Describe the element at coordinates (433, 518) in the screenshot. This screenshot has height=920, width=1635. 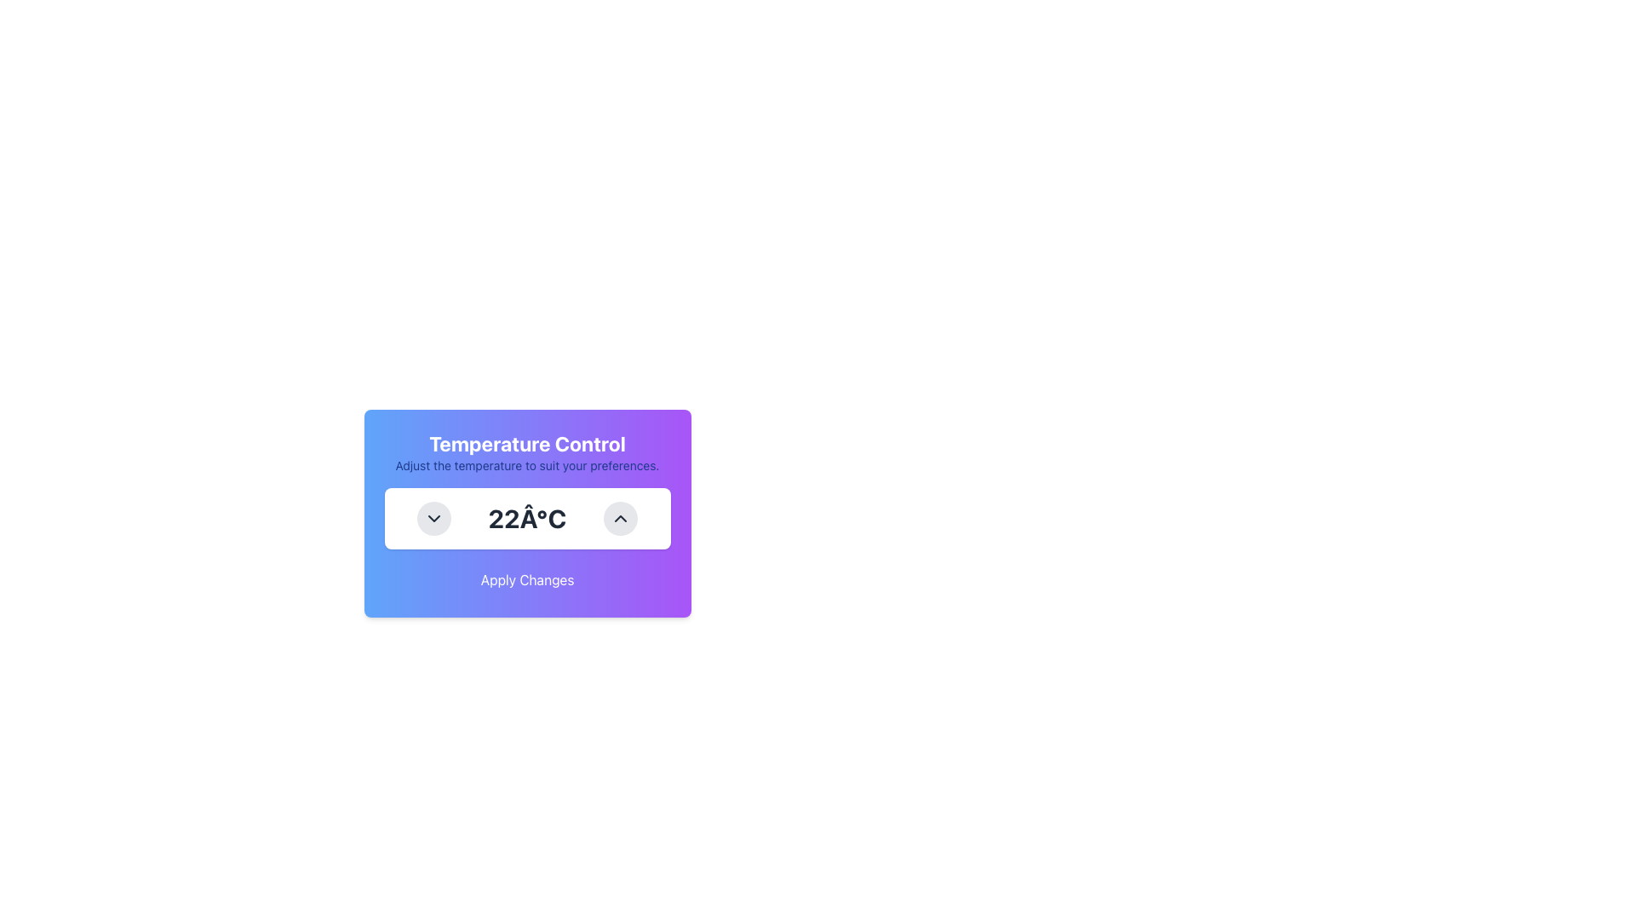
I see `the downward-pointing chevron icon with a rounded border` at that location.